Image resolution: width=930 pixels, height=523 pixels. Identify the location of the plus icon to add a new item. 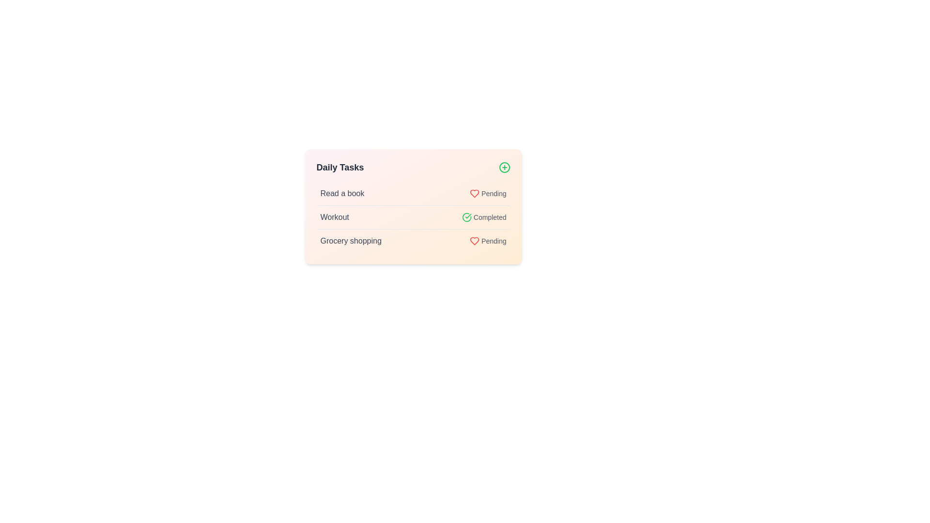
(504, 167).